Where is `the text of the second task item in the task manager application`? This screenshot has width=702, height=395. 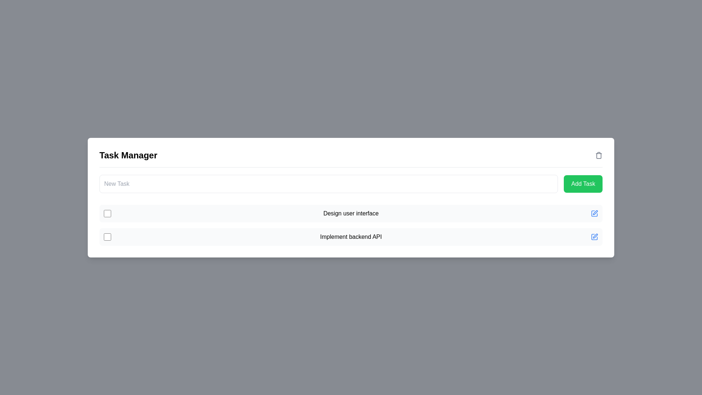 the text of the second task item in the task manager application is located at coordinates (351, 237).